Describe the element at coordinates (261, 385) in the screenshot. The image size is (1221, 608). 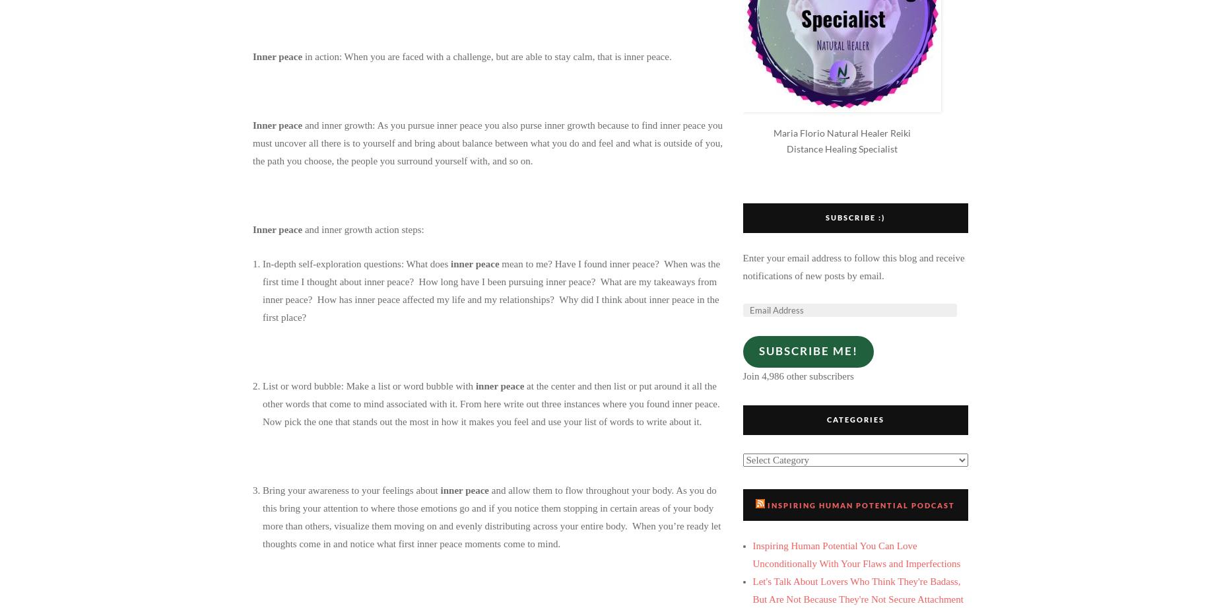
I see `'List or word bubble: Make a list or word bubble with'` at that location.